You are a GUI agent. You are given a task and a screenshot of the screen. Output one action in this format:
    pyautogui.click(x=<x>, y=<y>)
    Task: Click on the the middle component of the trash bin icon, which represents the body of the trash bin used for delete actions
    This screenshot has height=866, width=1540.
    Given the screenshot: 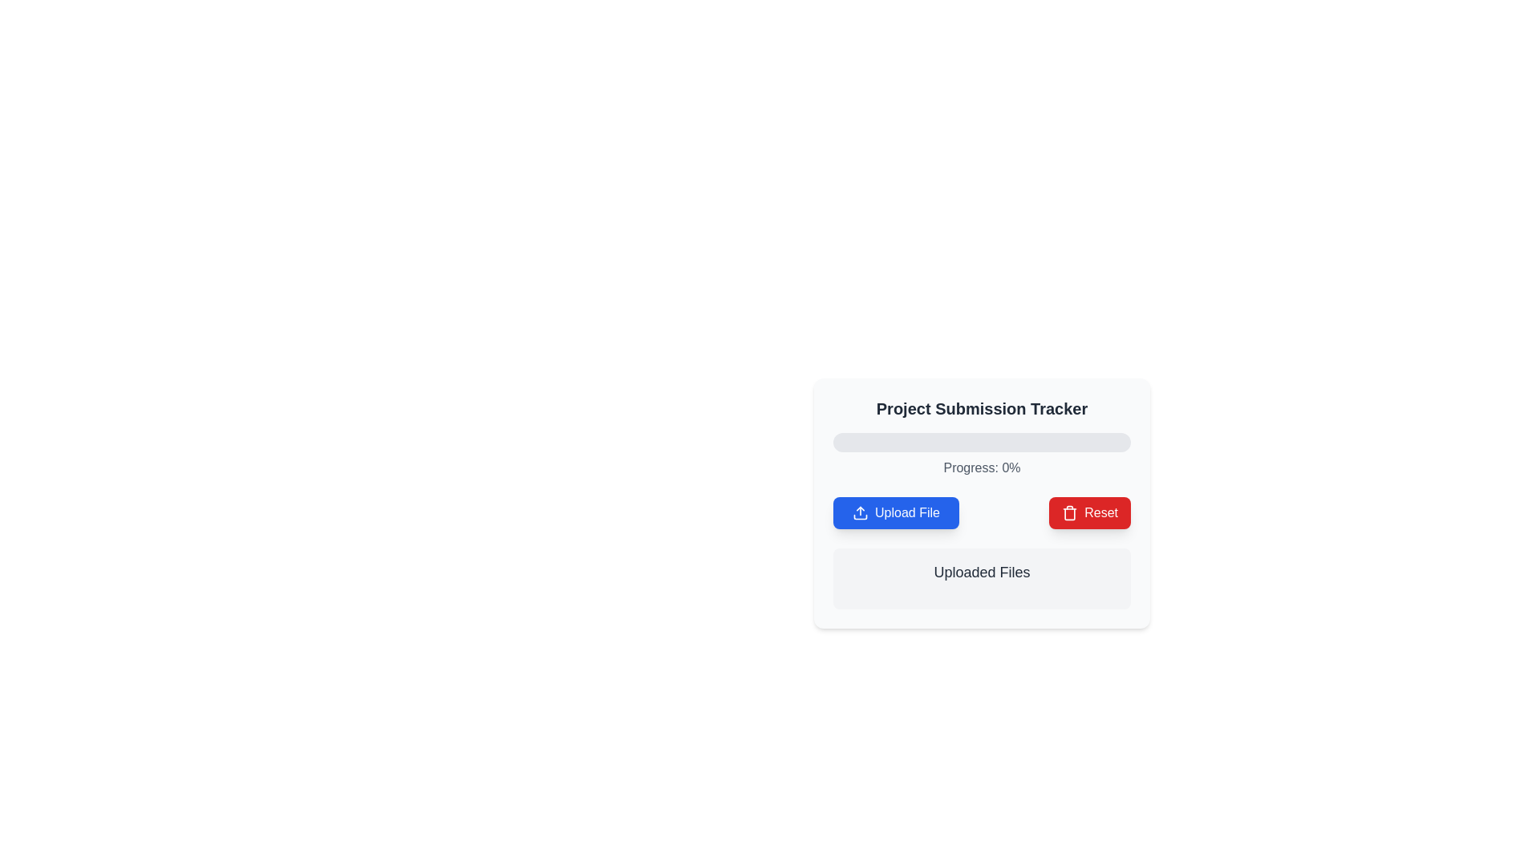 What is the action you would take?
    pyautogui.click(x=1070, y=514)
    